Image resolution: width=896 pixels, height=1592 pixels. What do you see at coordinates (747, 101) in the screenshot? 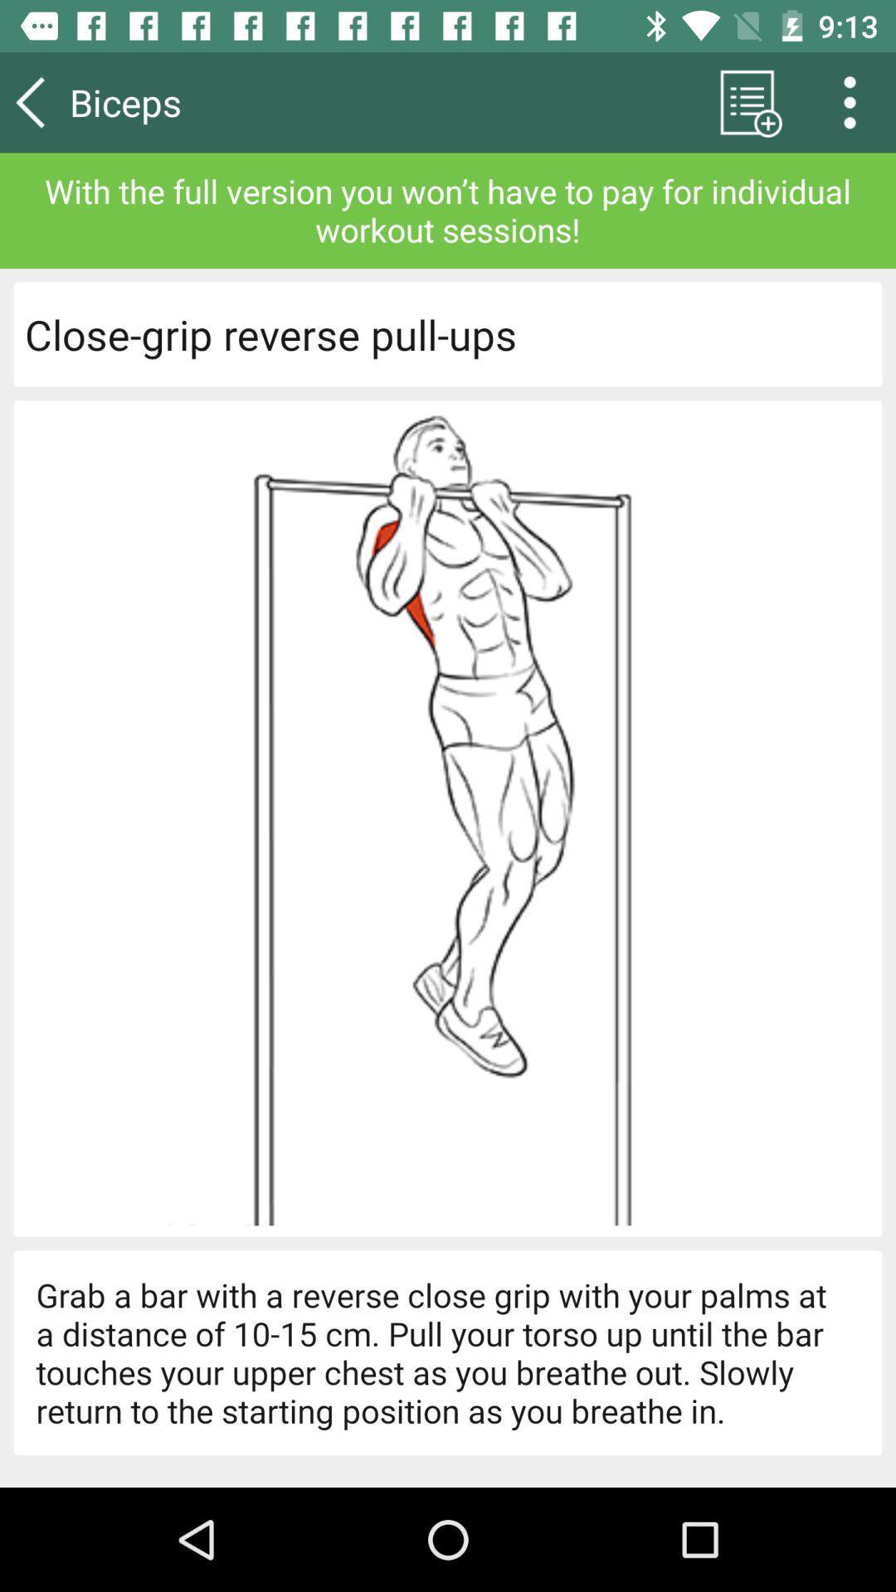
I see `app above the with the full app` at bounding box center [747, 101].